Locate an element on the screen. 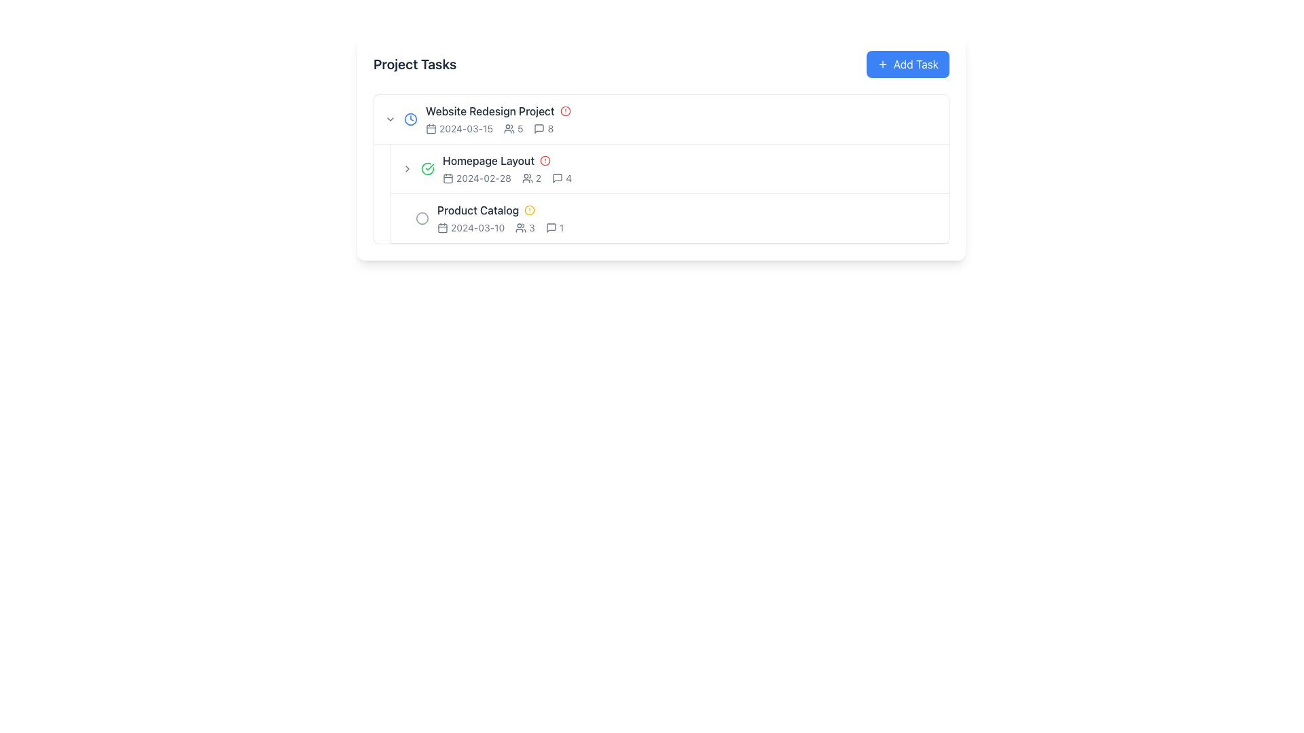  the text label displaying the date '2024-03-10' with a calendar icon, which is the first item in the 'Product Catalog' list row is located at coordinates (471, 227).